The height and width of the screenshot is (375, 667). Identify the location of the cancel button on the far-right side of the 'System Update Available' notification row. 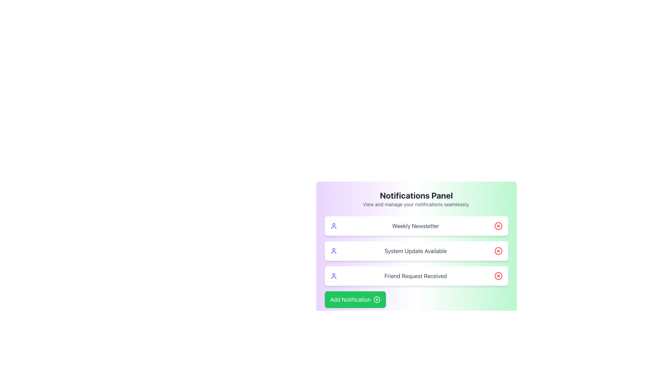
(498, 251).